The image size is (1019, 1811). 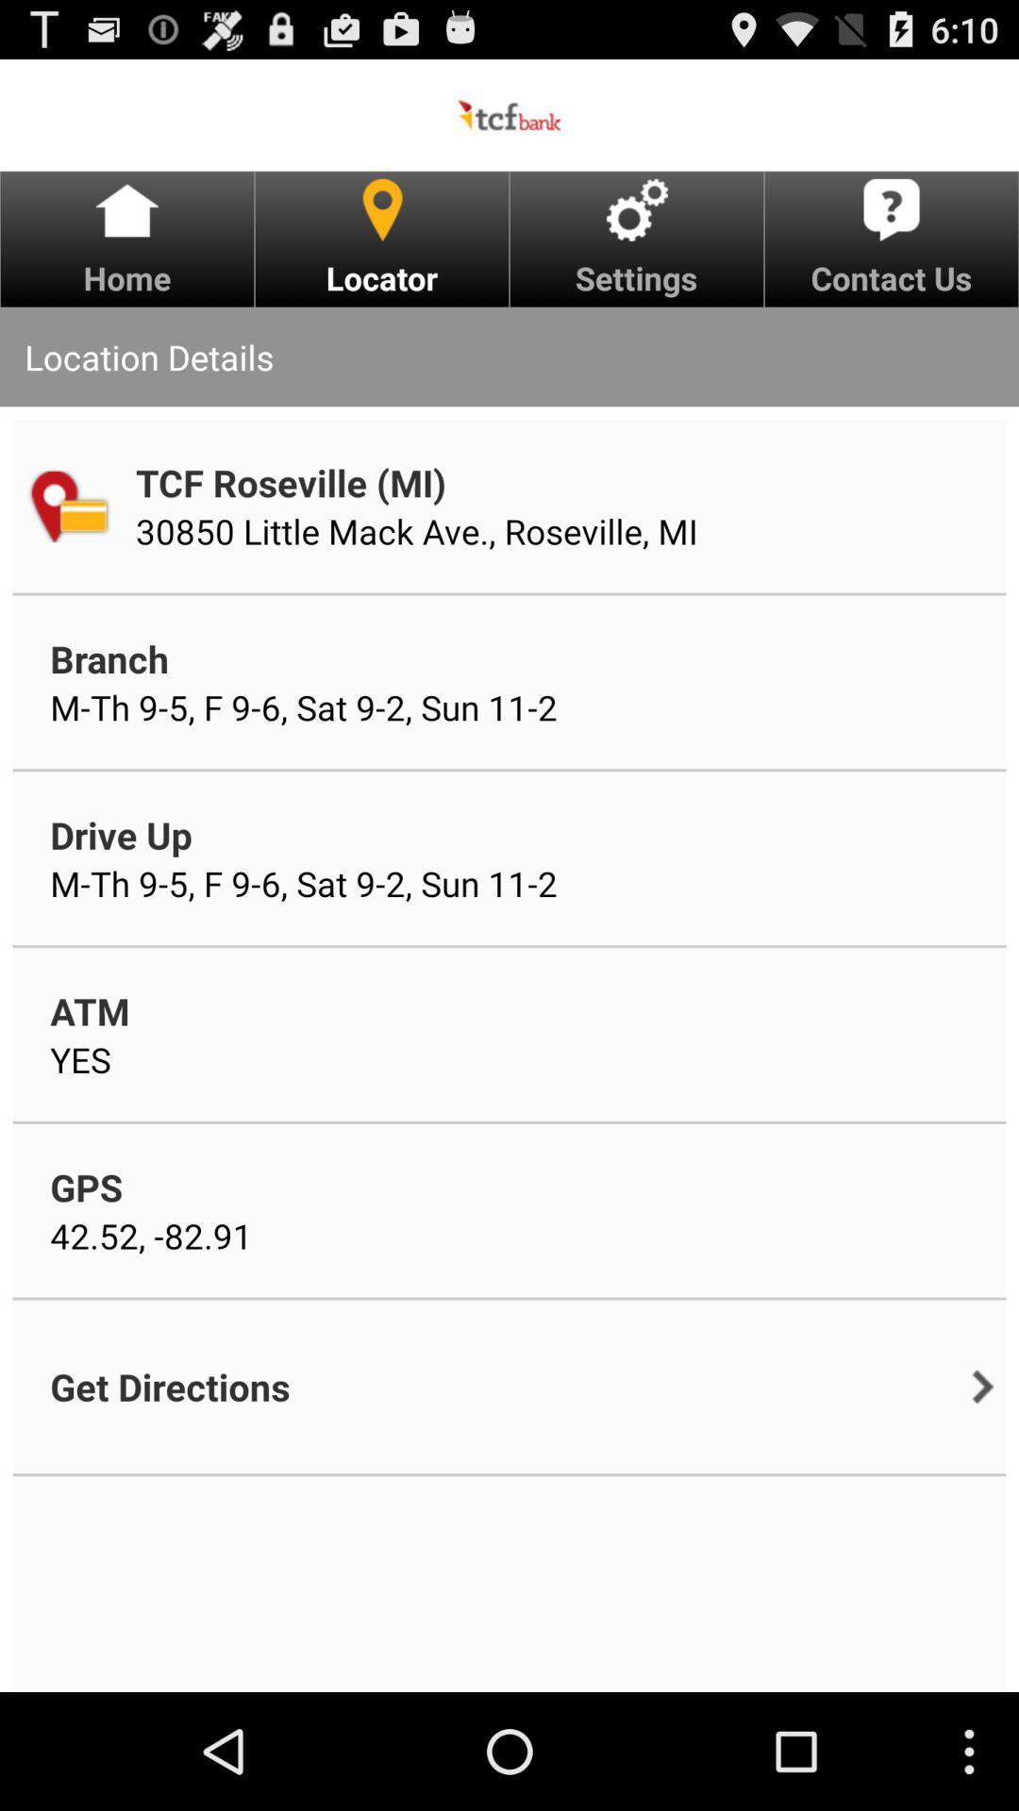 I want to click on the item to the right of the get directions item, so click(x=981, y=1387).